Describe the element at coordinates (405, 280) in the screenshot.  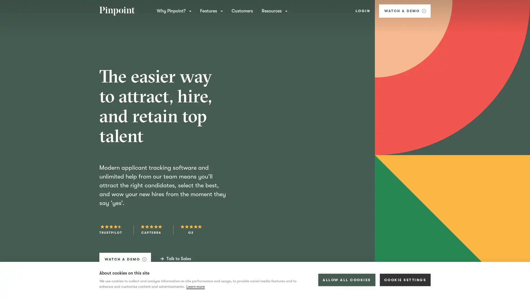
I see `COOKIE SETTINGS` at that location.